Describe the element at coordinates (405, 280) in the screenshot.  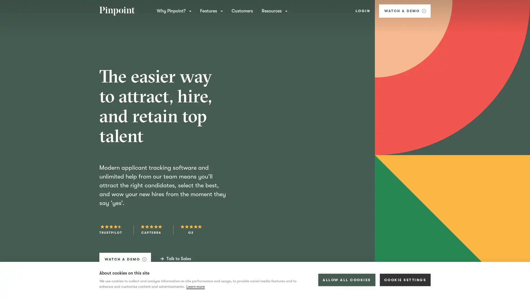
I see `COOKIE SETTINGS` at that location.